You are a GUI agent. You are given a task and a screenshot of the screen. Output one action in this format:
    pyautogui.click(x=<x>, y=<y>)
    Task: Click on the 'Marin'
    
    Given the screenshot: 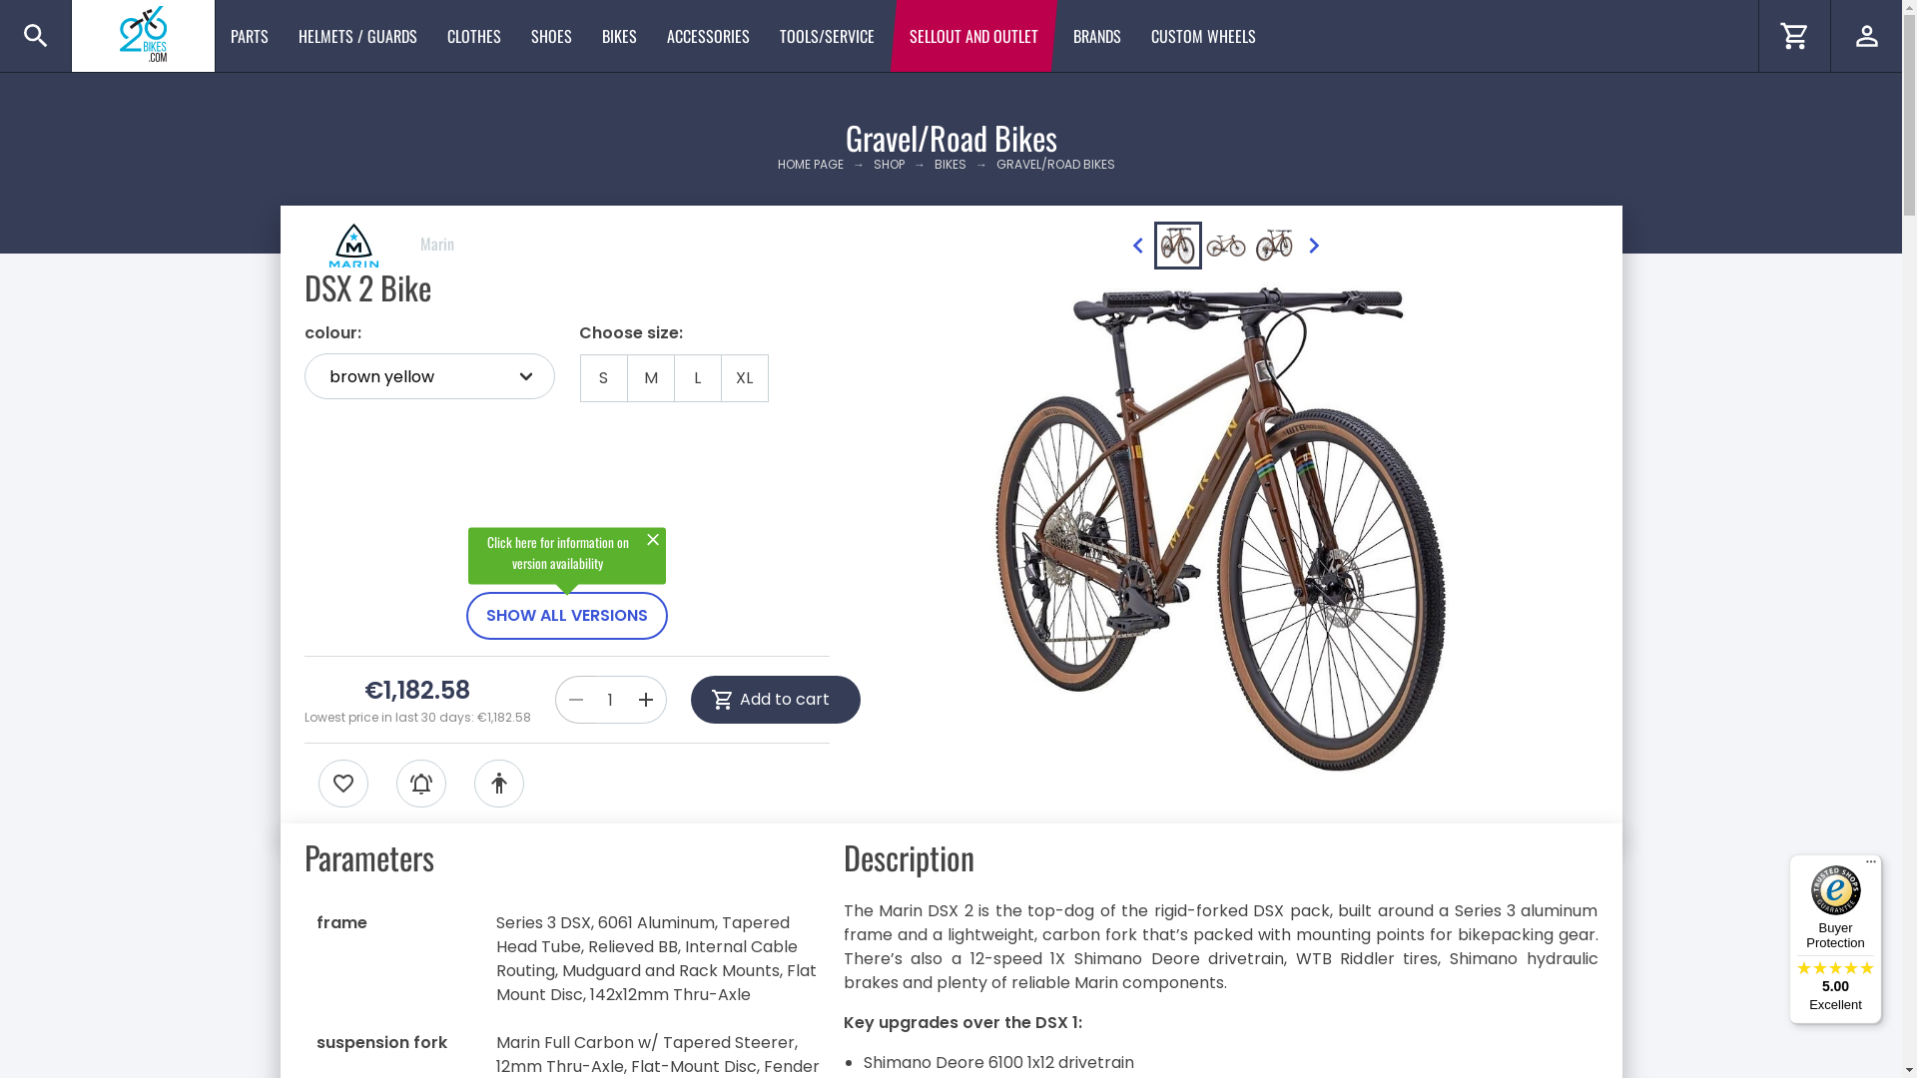 What is the action you would take?
    pyautogui.click(x=378, y=242)
    